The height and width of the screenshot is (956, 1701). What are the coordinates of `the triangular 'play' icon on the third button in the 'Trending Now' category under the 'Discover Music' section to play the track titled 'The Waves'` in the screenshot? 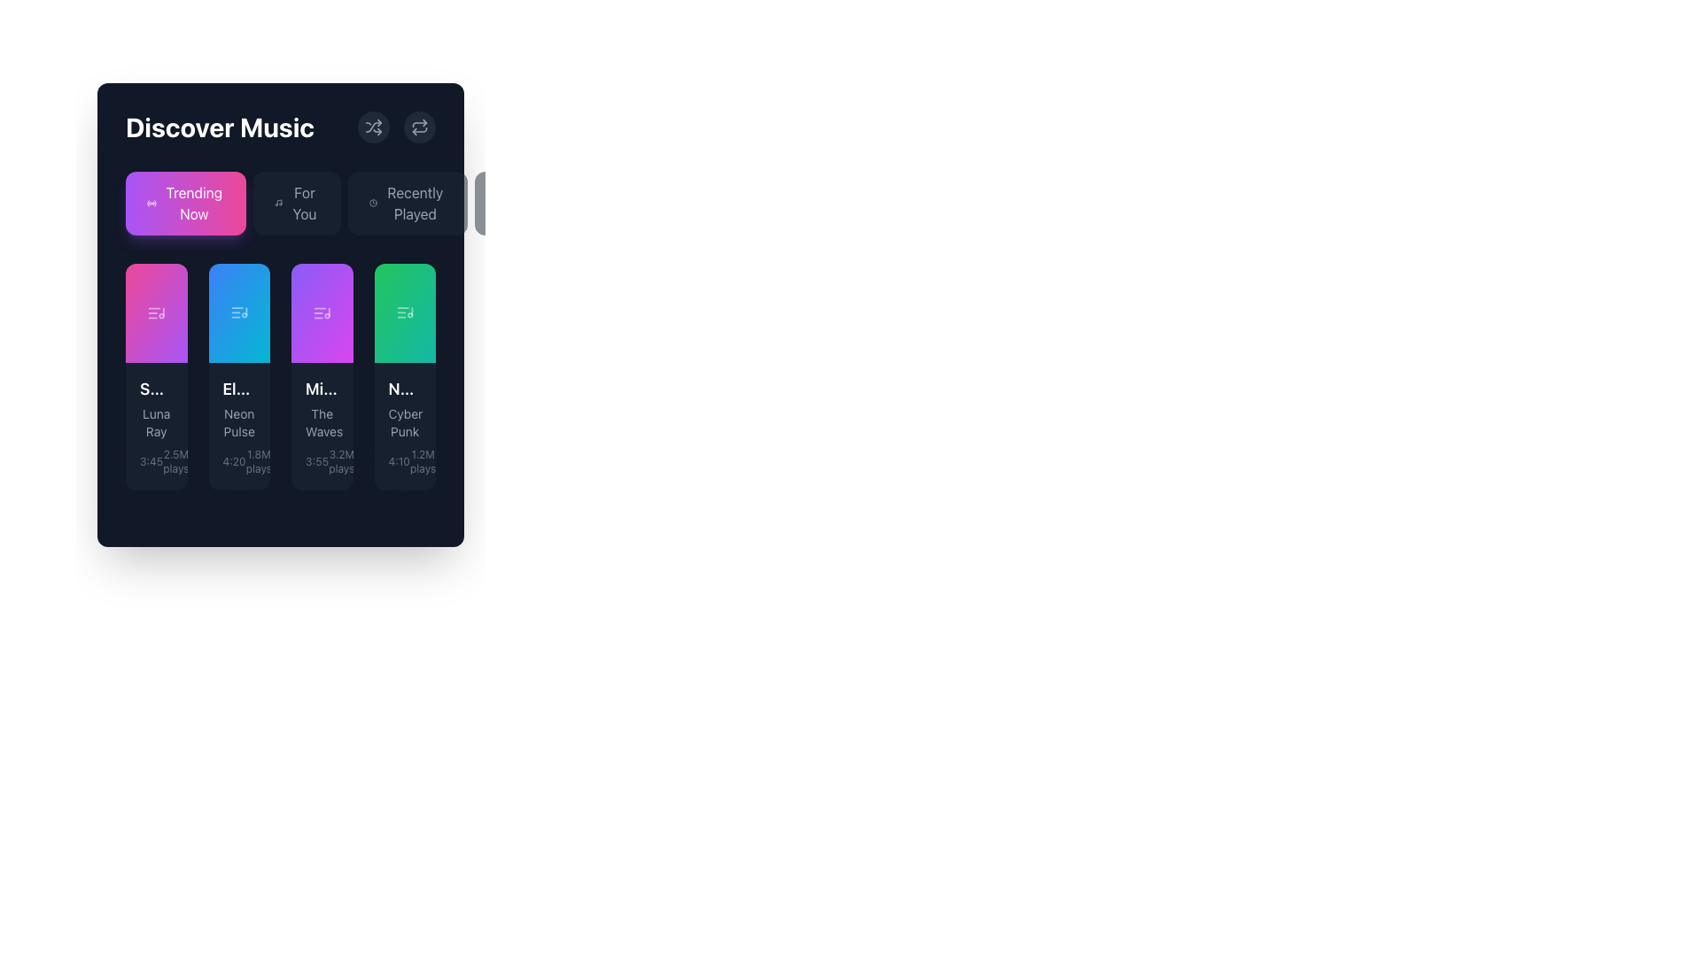 It's located at (323, 312).